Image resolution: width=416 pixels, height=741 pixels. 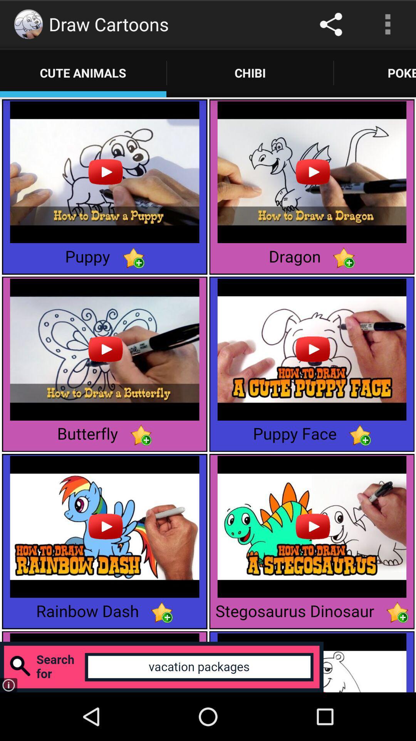 What do you see at coordinates (161, 667) in the screenshot?
I see `search bar` at bounding box center [161, 667].